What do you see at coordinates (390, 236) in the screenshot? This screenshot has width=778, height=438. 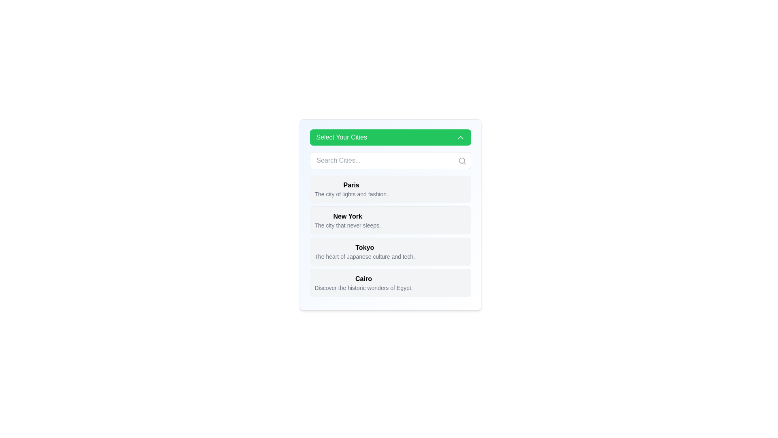 I see `the 'New York' entry in the interactive city list, which is highlighted with a light gray background and changes to light green when hovered, located below the 'Search Cities...' input field` at bounding box center [390, 236].